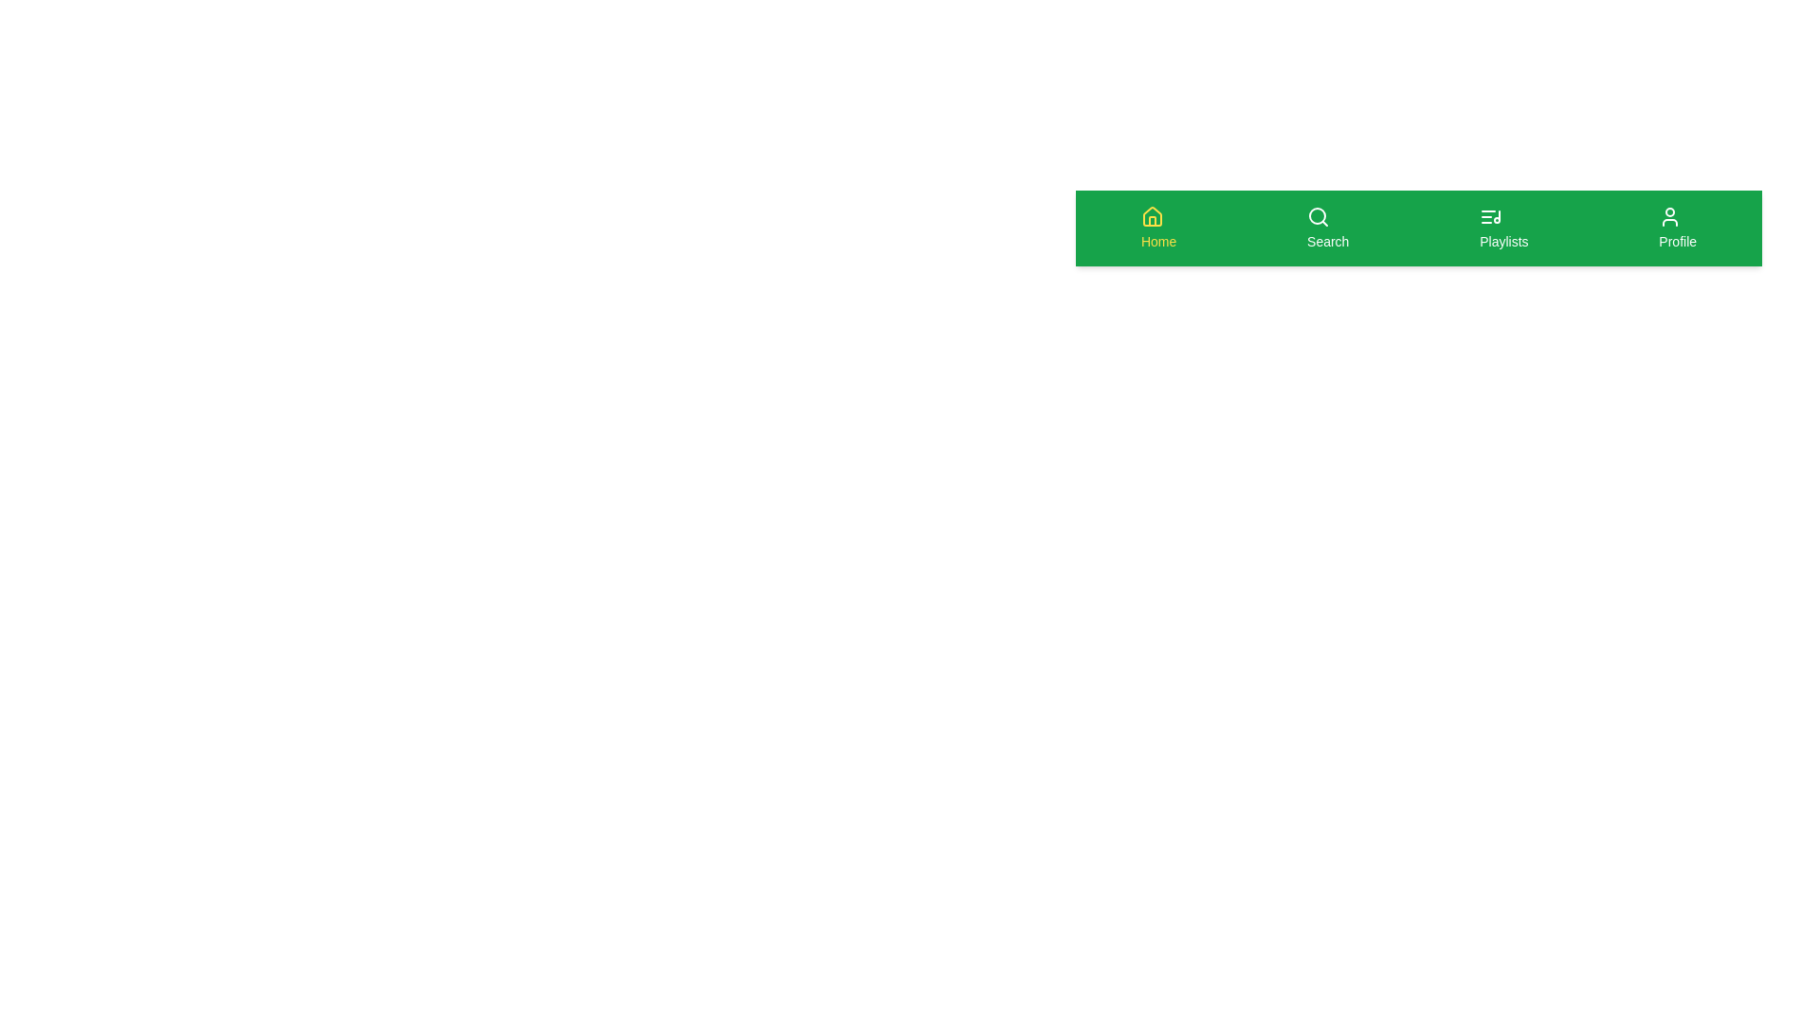 The image size is (1820, 1024). I want to click on the 'Home' button in the bottom navigation bar, so click(1157, 227).